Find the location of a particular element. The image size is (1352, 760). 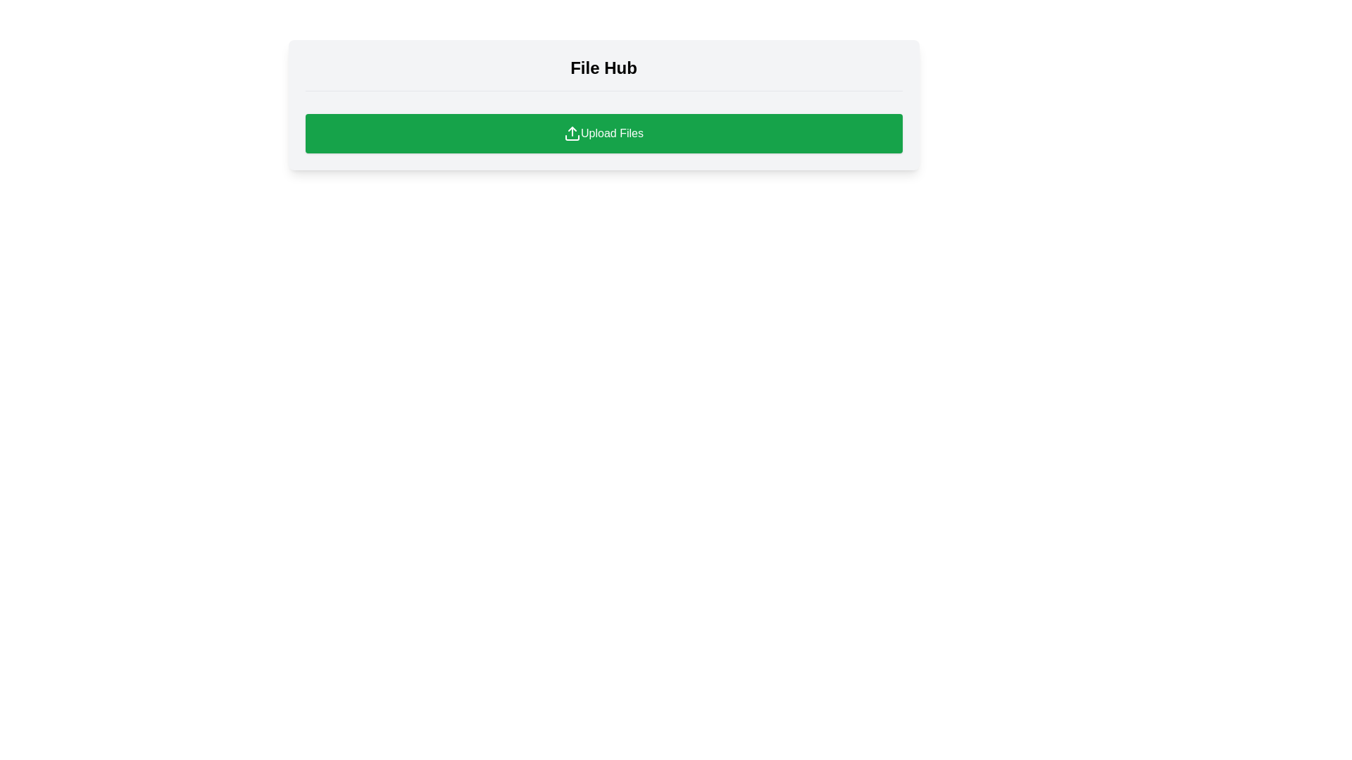

the upload icon located on the green 'Upload Files' button, positioned near the left side of the text is located at coordinates (572, 133).